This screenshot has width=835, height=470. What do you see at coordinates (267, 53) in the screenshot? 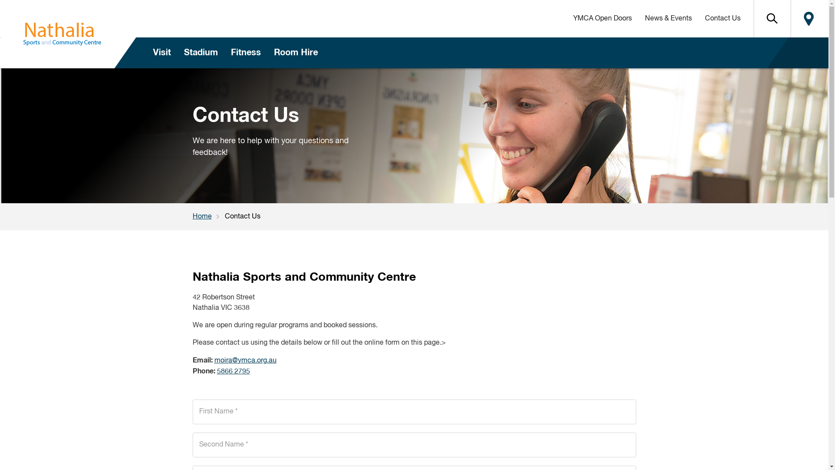
I see `'Room Hire'` at bounding box center [267, 53].